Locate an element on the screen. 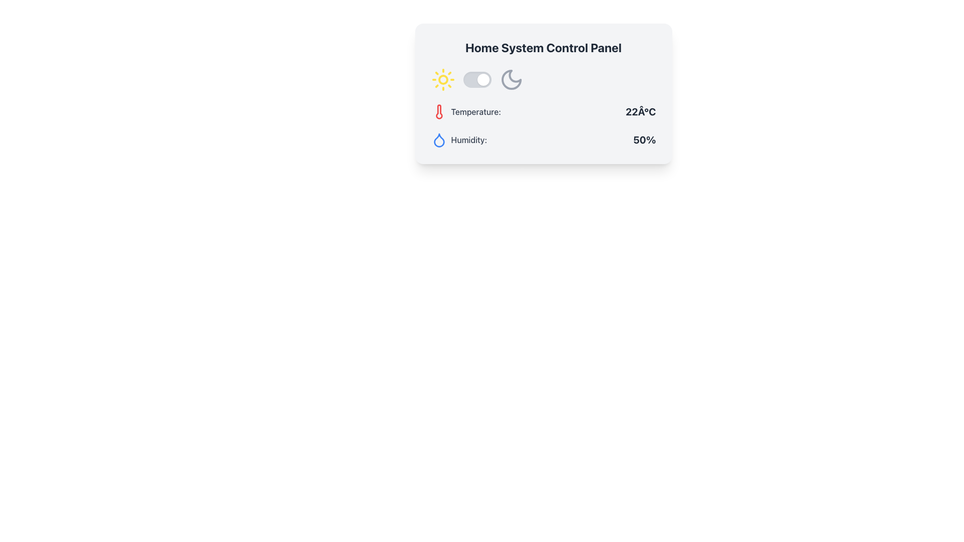  the center of the sun icon, which represents daytime mode or brightness, located on the top left of the Home System Control Panel is located at coordinates (442, 79).